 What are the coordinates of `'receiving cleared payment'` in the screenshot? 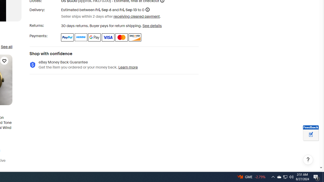 It's located at (137, 16).